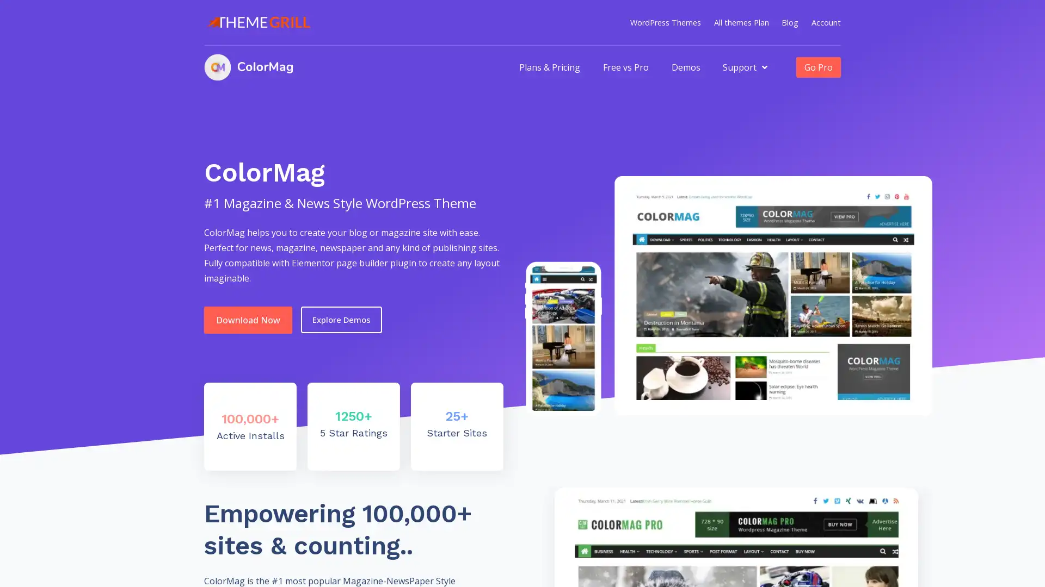 This screenshot has width=1045, height=587. What do you see at coordinates (341, 319) in the screenshot?
I see `Explore Demos` at bounding box center [341, 319].